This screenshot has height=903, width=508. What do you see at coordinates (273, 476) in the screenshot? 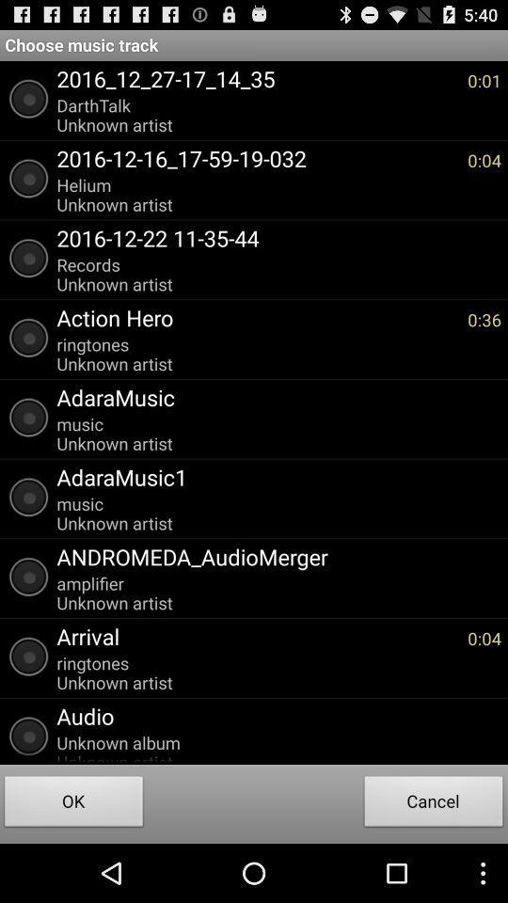
I see `icon above music` at bounding box center [273, 476].